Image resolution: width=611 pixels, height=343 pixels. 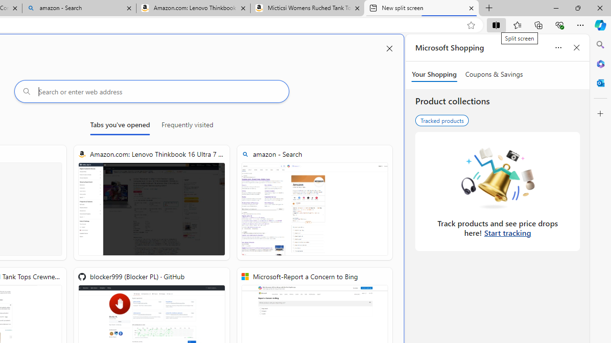 What do you see at coordinates (187, 126) in the screenshot?
I see `'Frequently visited'` at bounding box center [187, 126].